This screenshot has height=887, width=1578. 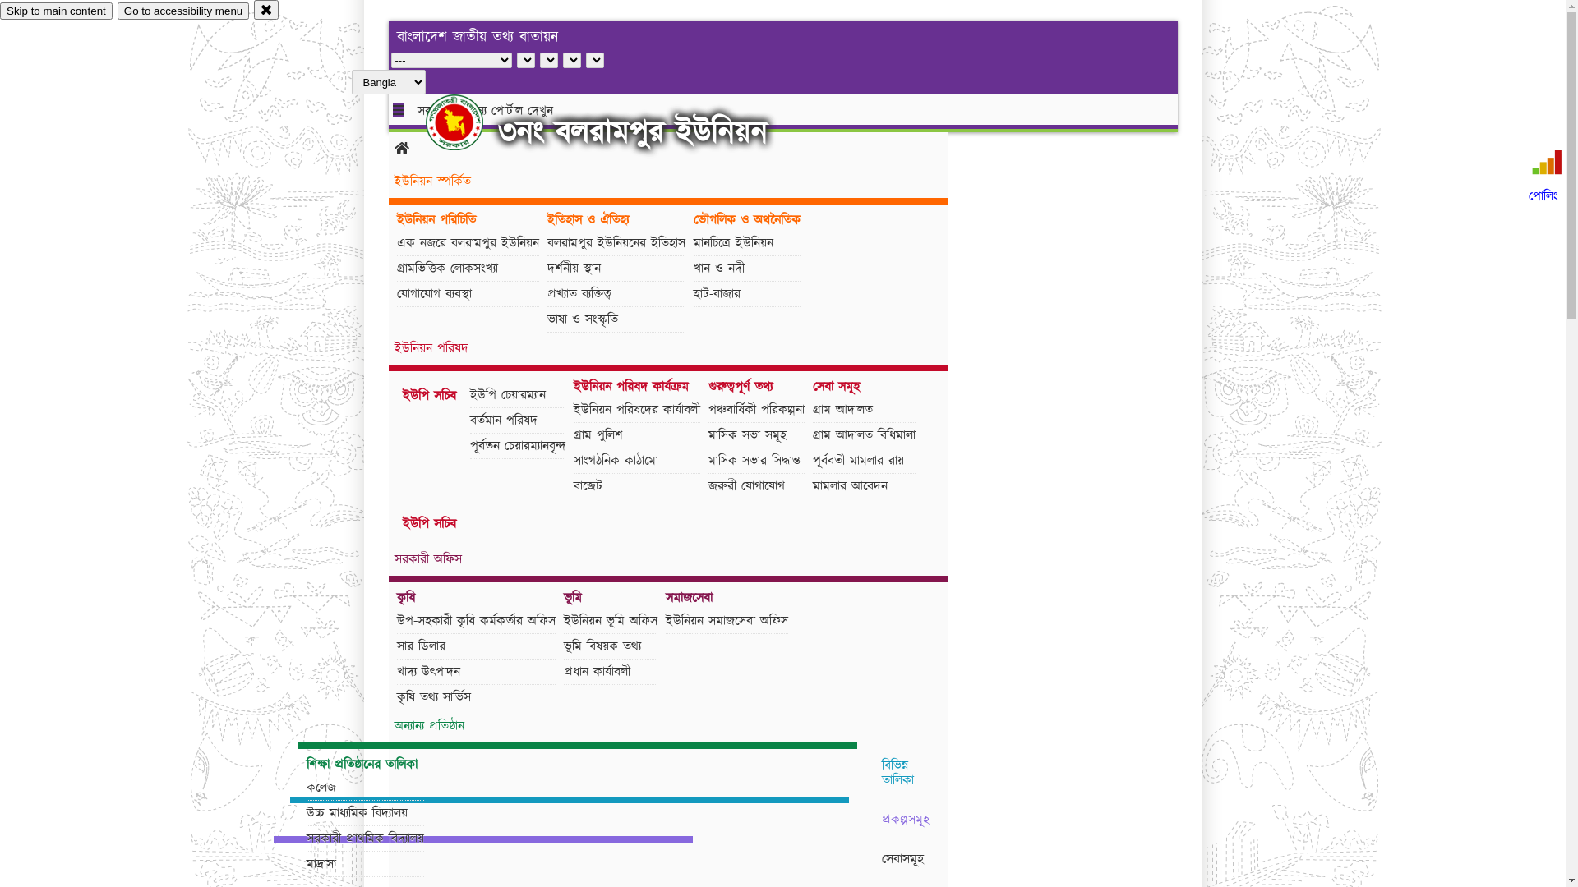 What do you see at coordinates (426, 122) in the screenshot?
I see `'` at bounding box center [426, 122].